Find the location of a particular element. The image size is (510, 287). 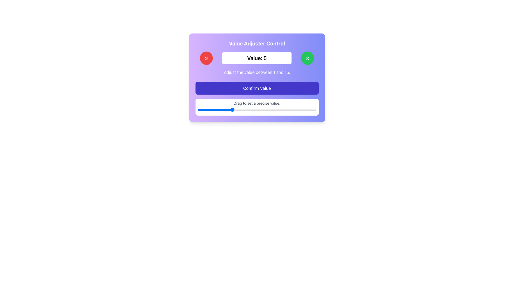

the circular red button with white, downward-pointing double chevrons is located at coordinates (206, 58).